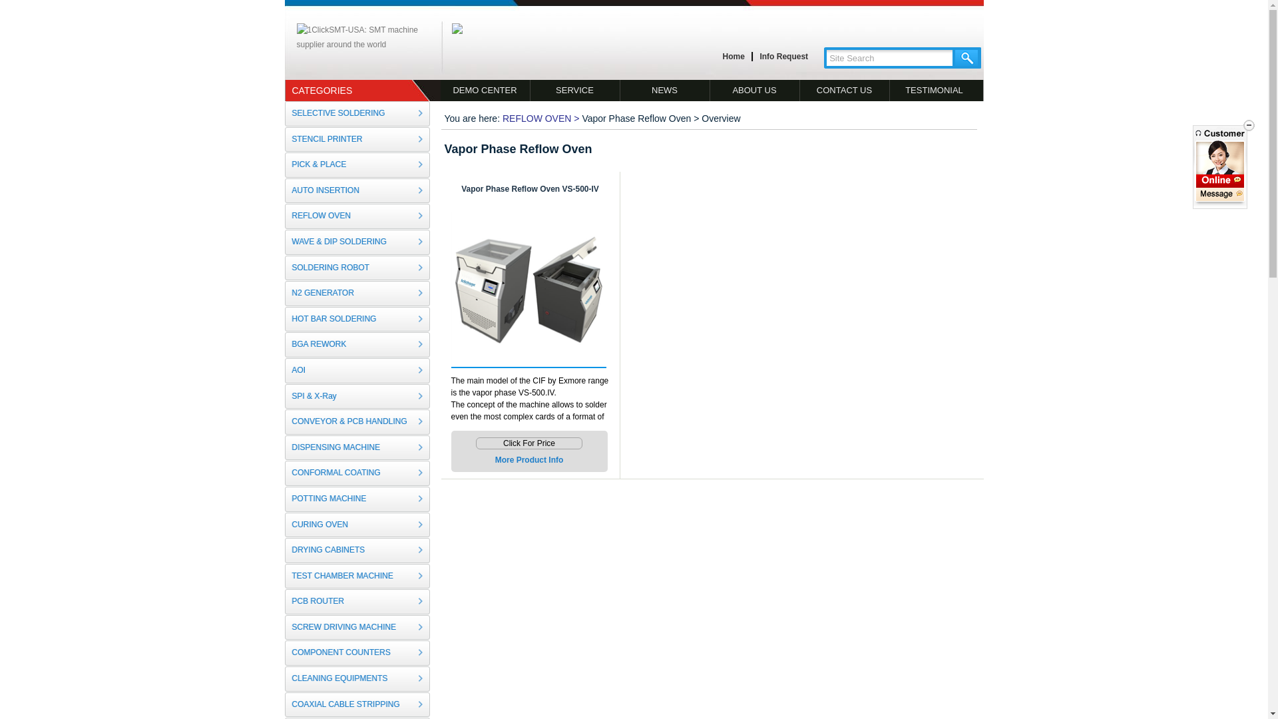 Image resolution: width=1278 pixels, height=719 pixels. I want to click on 'customer service', so click(1220, 181).